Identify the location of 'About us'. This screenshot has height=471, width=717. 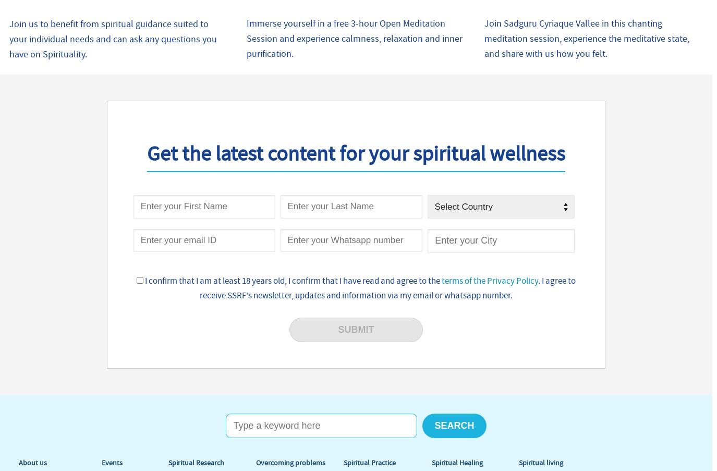
(32, 463).